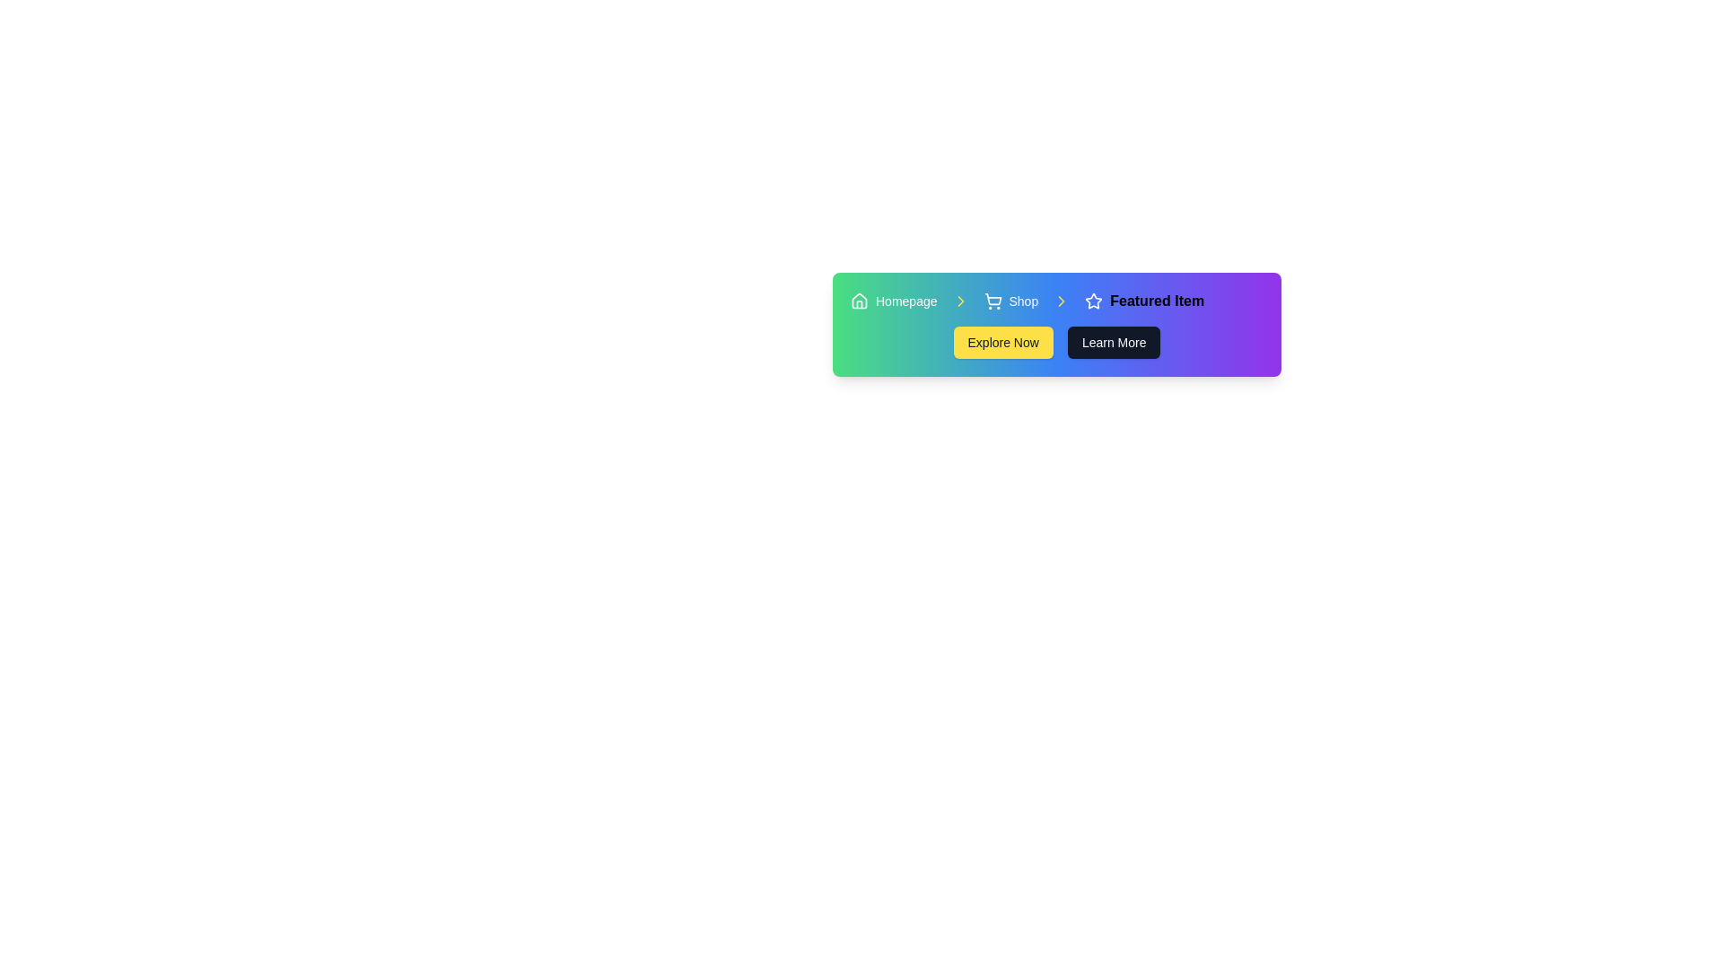 The image size is (1723, 969). I want to click on the 'Homepage' link, which is the first item in the horizontal navigation bar and features a small house icon and white text, so click(894, 300).